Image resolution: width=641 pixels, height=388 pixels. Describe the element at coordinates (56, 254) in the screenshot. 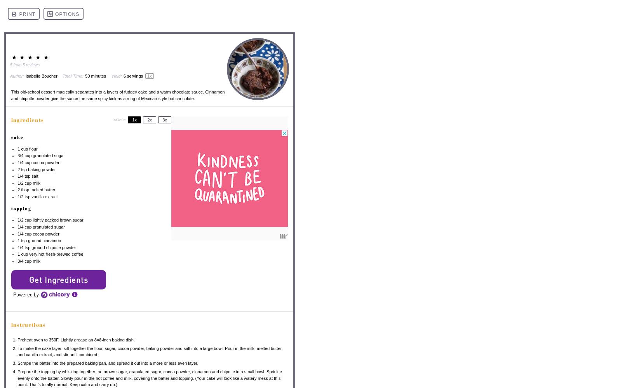

I see `'very hot fresh-brewed coffee'` at that location.